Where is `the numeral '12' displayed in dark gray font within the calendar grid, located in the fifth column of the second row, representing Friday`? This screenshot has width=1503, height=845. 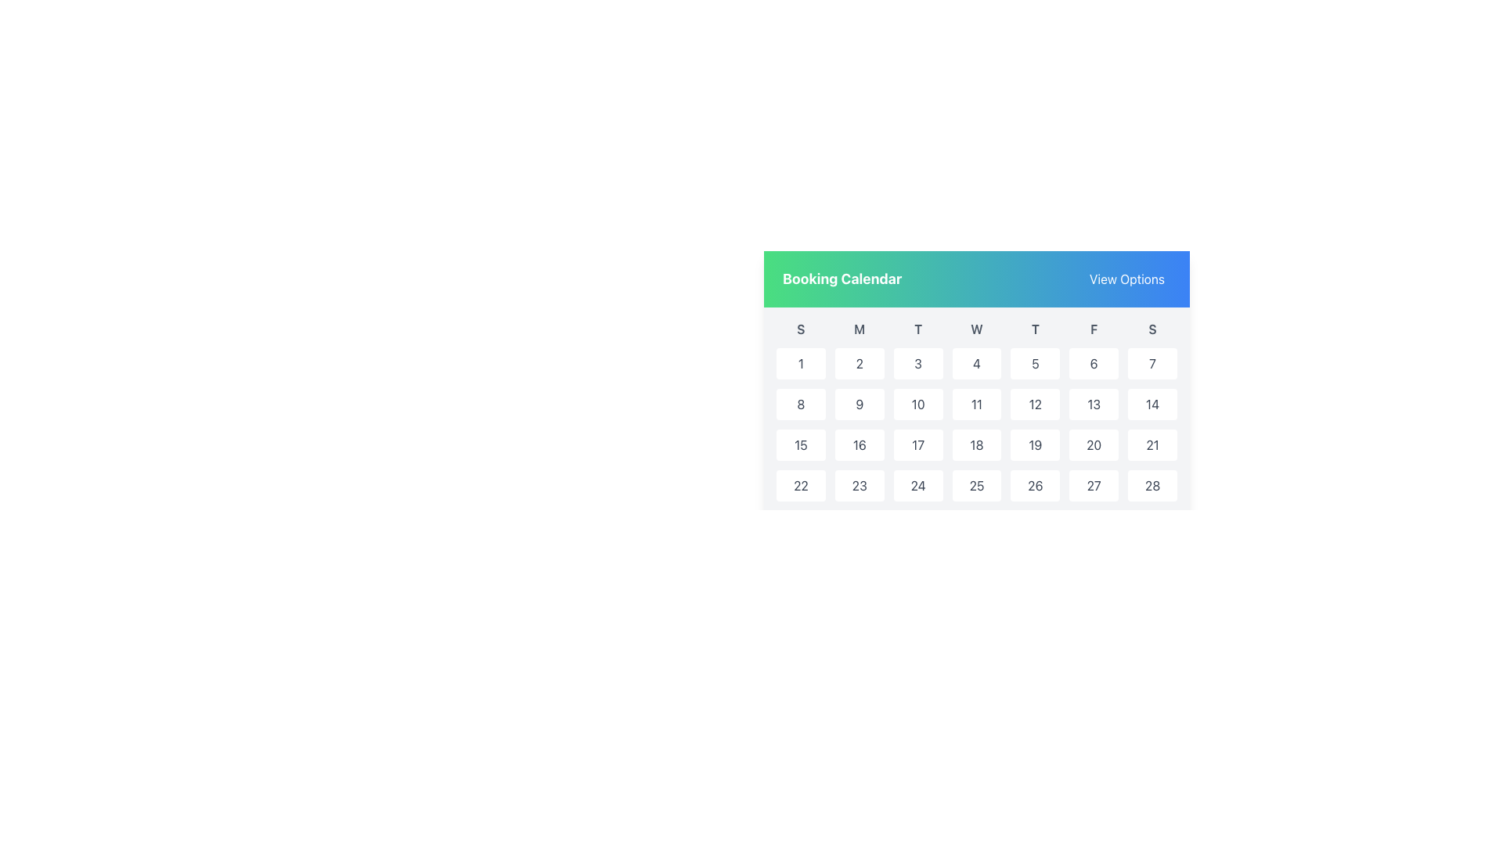 the numeral '12' displayed in dark gray font within the calendar grid, located in the fifth column of the second row, representing Friday is located at coordinates (1035, 403).